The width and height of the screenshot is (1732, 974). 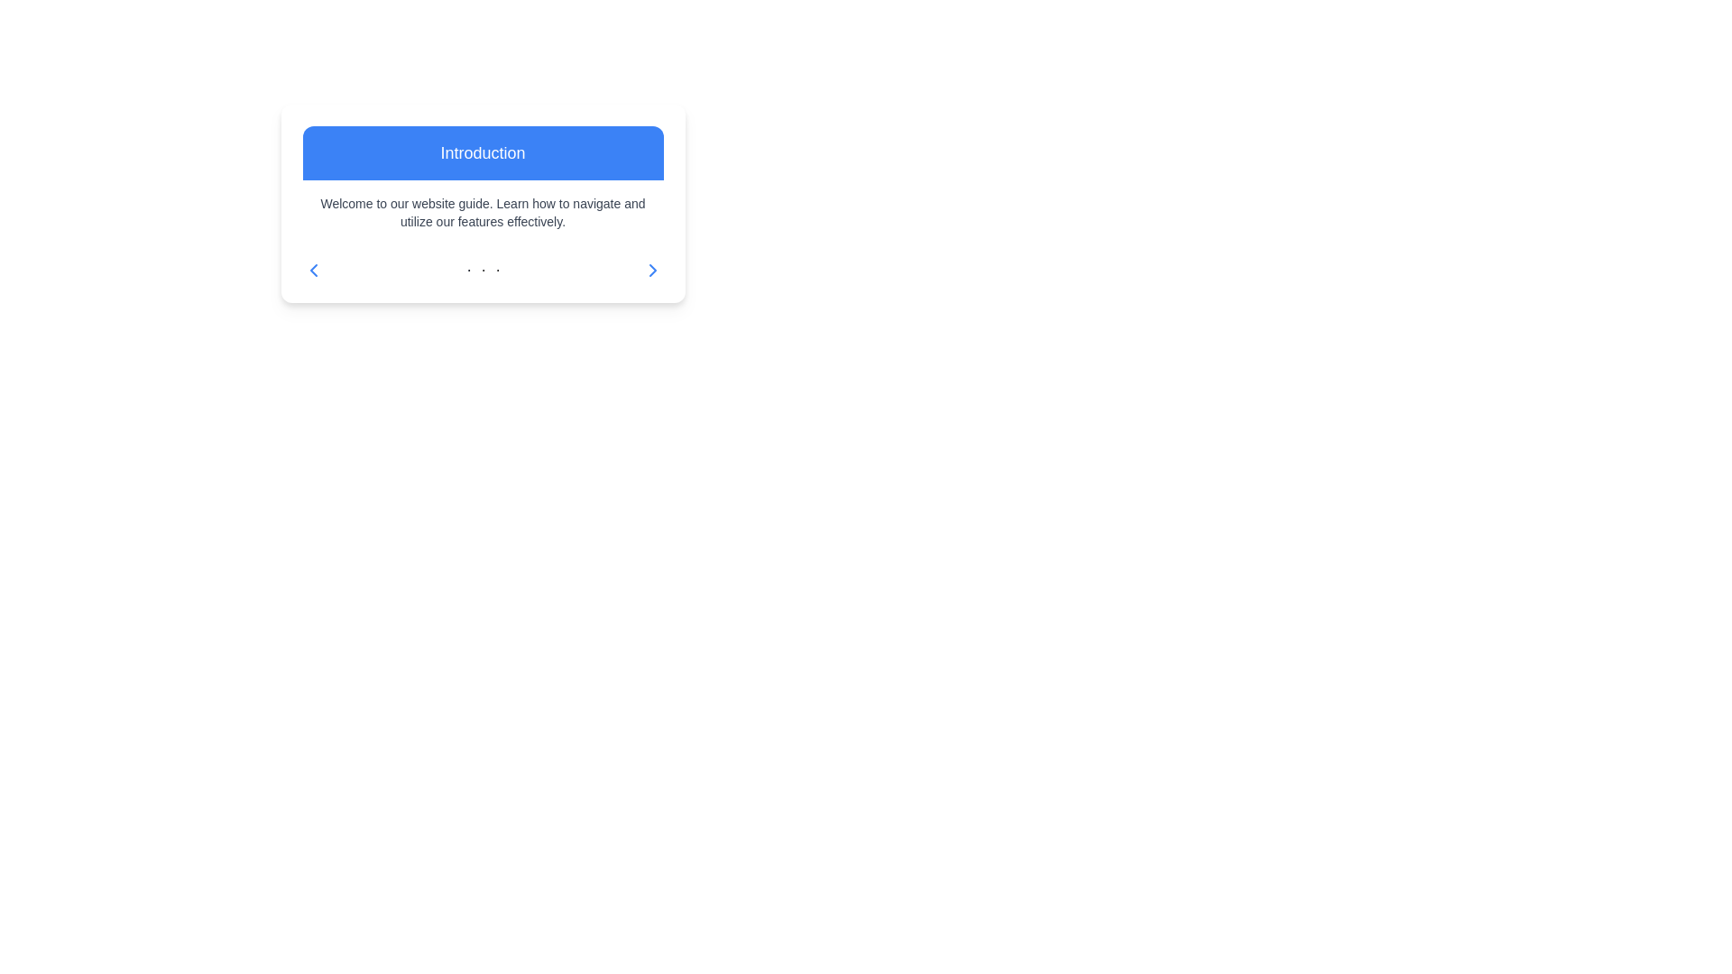 I want to click on the text block stating 'Welcome to our website guide. Learn how to navigate and utilize our features effectively.' which is centrally aligned below the 'Introduction' header, so click(x=483, y=211).